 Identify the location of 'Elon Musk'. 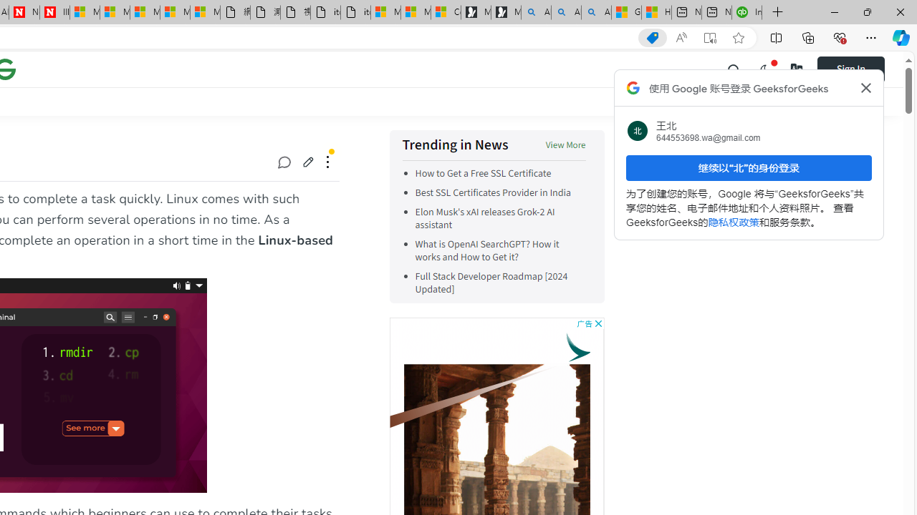
(484, 219).